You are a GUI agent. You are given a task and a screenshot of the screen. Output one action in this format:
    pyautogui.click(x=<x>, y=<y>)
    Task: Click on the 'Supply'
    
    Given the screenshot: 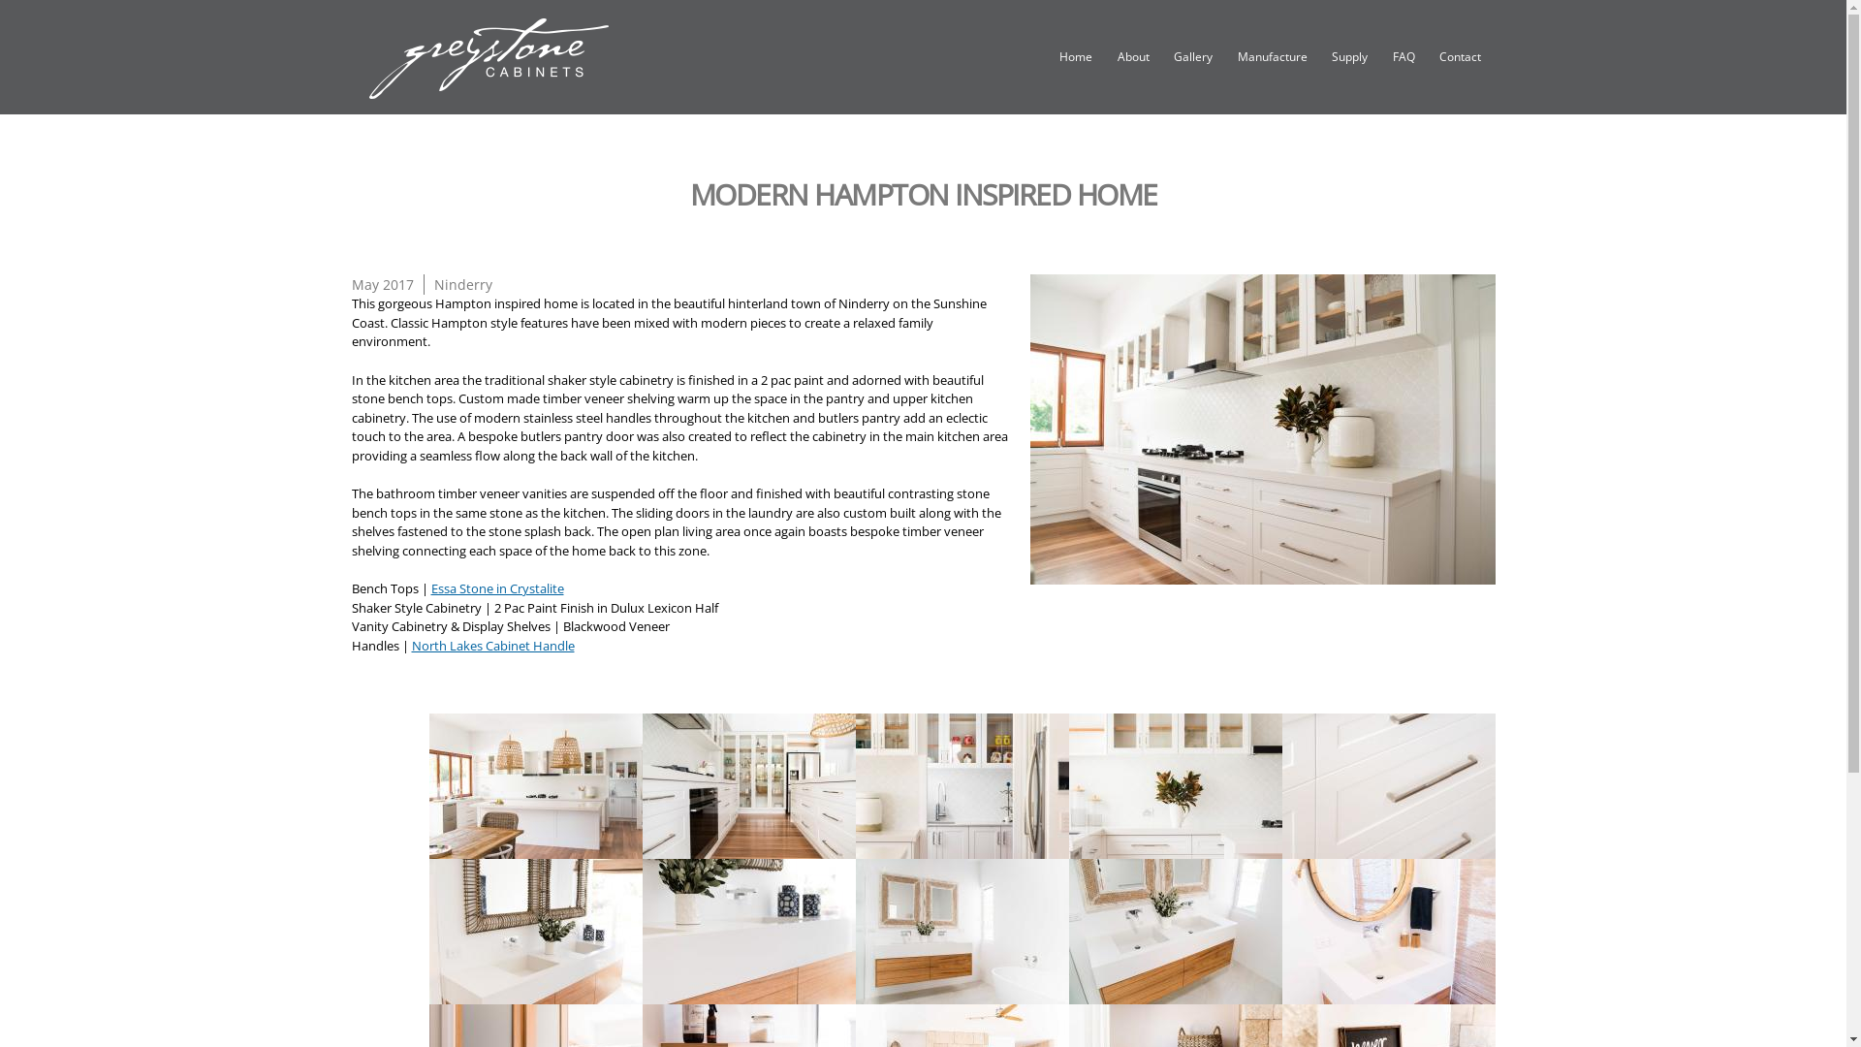 What is the action you would take?
    pyautogui.click(x=1348, y=57)
    